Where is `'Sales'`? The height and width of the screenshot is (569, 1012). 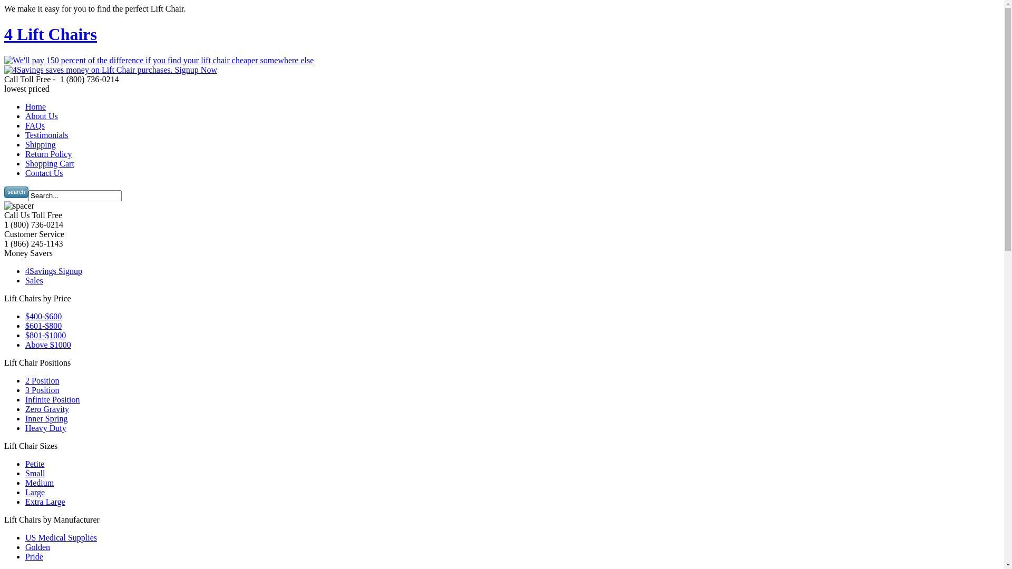
'Sales' is located at coordinates (34, 280).